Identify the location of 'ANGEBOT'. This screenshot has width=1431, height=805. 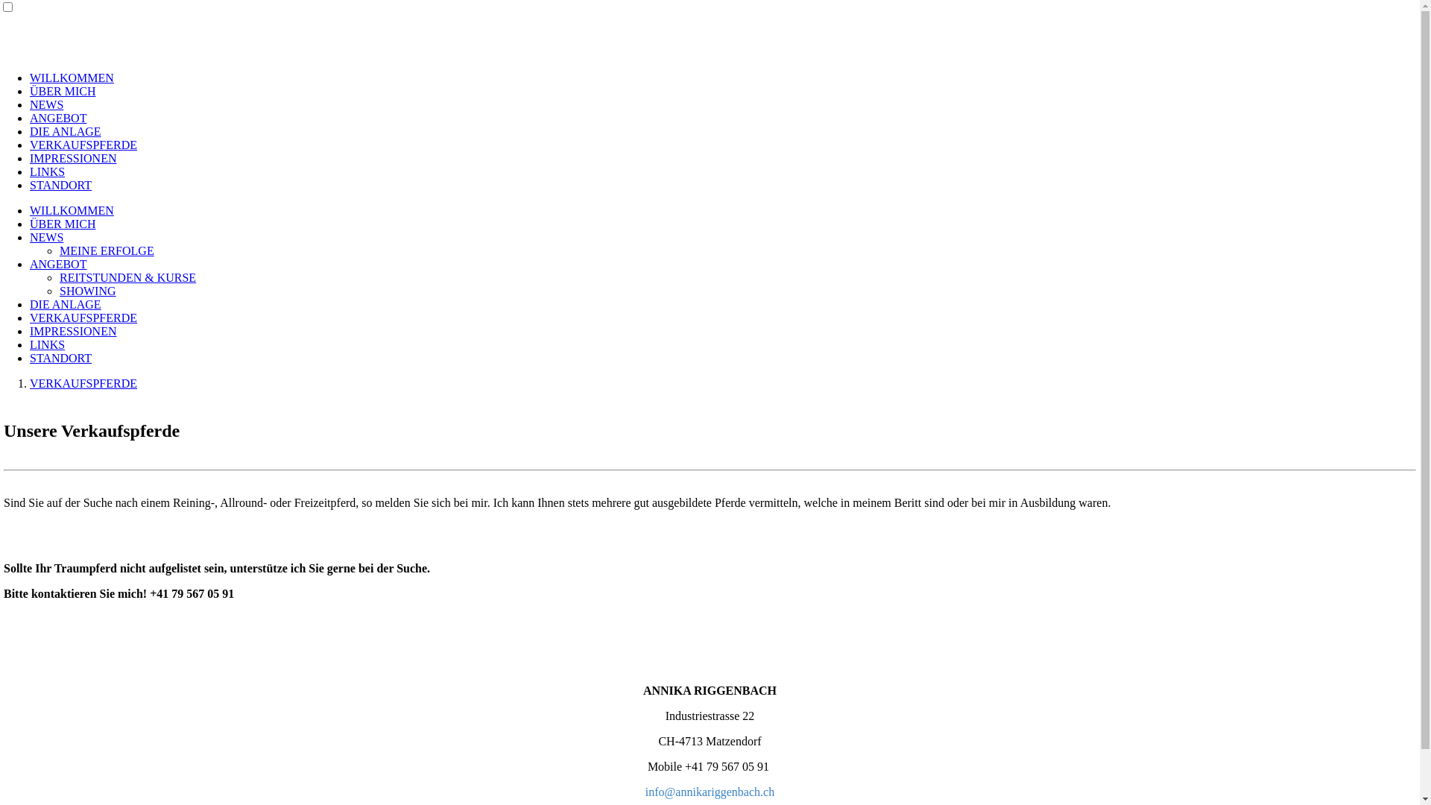
(57, 263).